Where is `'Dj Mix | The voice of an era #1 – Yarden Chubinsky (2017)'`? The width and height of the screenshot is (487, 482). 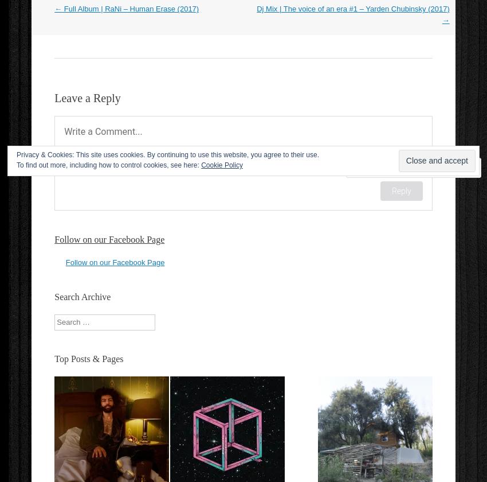 'Dj Mix | The voice of an era #1 – Yarden Chubinsky (2017)' is located at coordinates (352, 9).